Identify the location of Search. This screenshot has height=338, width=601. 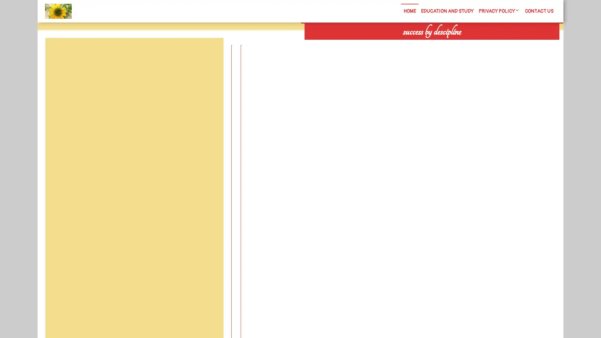
(487, 44).